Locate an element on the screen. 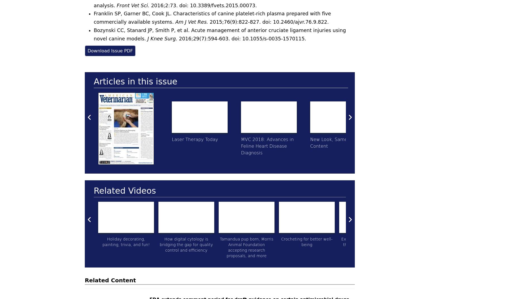  'An overview of what is needed for dental nerve blocks' is located at coordinates (487, 244).